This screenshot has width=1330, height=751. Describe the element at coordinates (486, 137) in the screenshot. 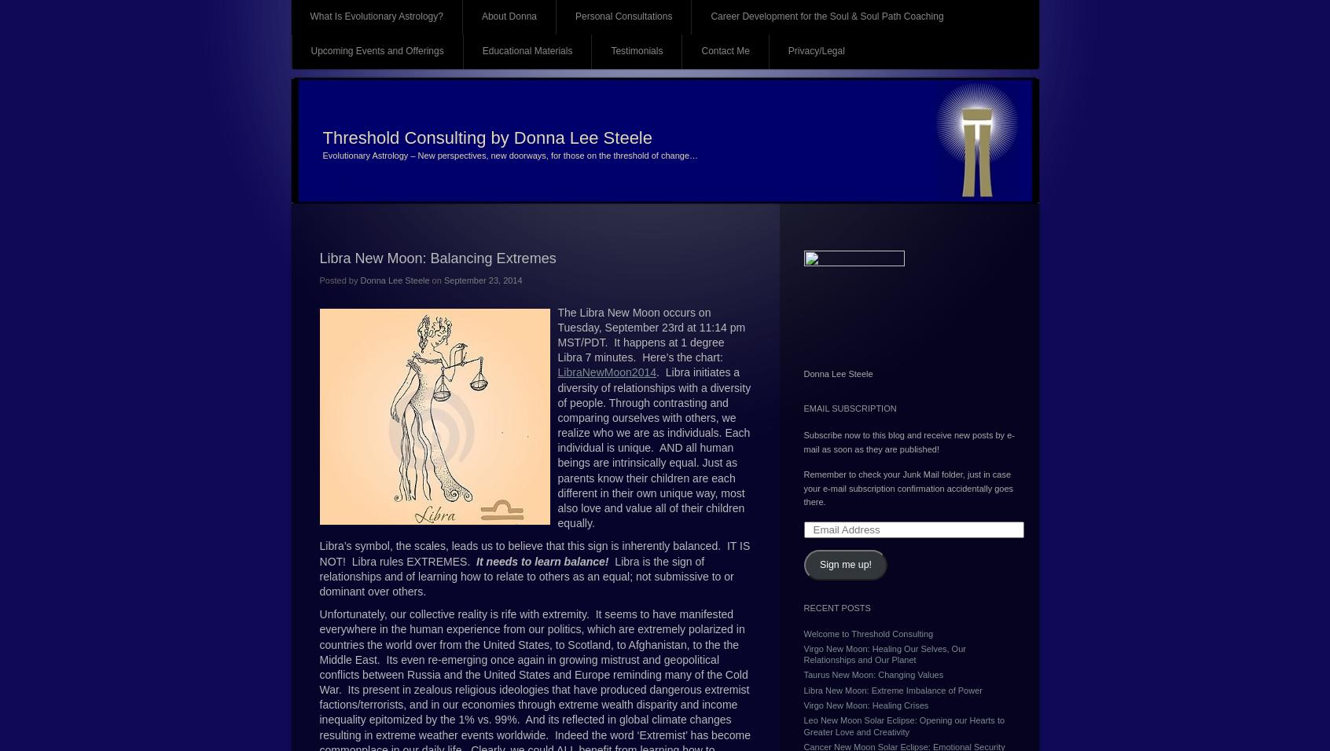

I see `'Threshold Consulting by Donna Lee Steele'` at that location.